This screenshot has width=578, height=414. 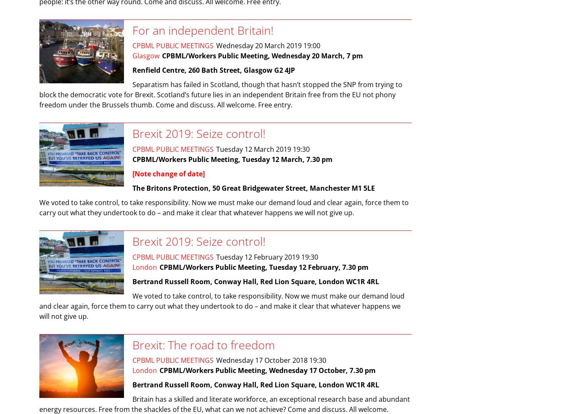 What do you see at coordinates (232, 159) in the screenshot?
I see `'CPBML/Workers Public Meeting, Tuesday 12 March, 7.30 pm'` at bounding box center [232, 159].